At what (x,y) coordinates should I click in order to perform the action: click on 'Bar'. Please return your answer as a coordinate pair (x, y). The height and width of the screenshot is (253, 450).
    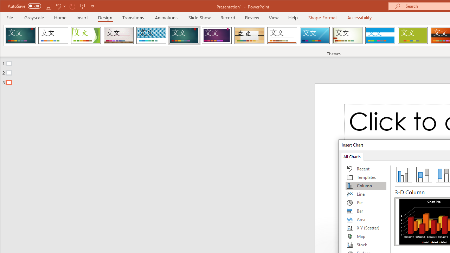
    Looking at the image, I should click on (366, 210).